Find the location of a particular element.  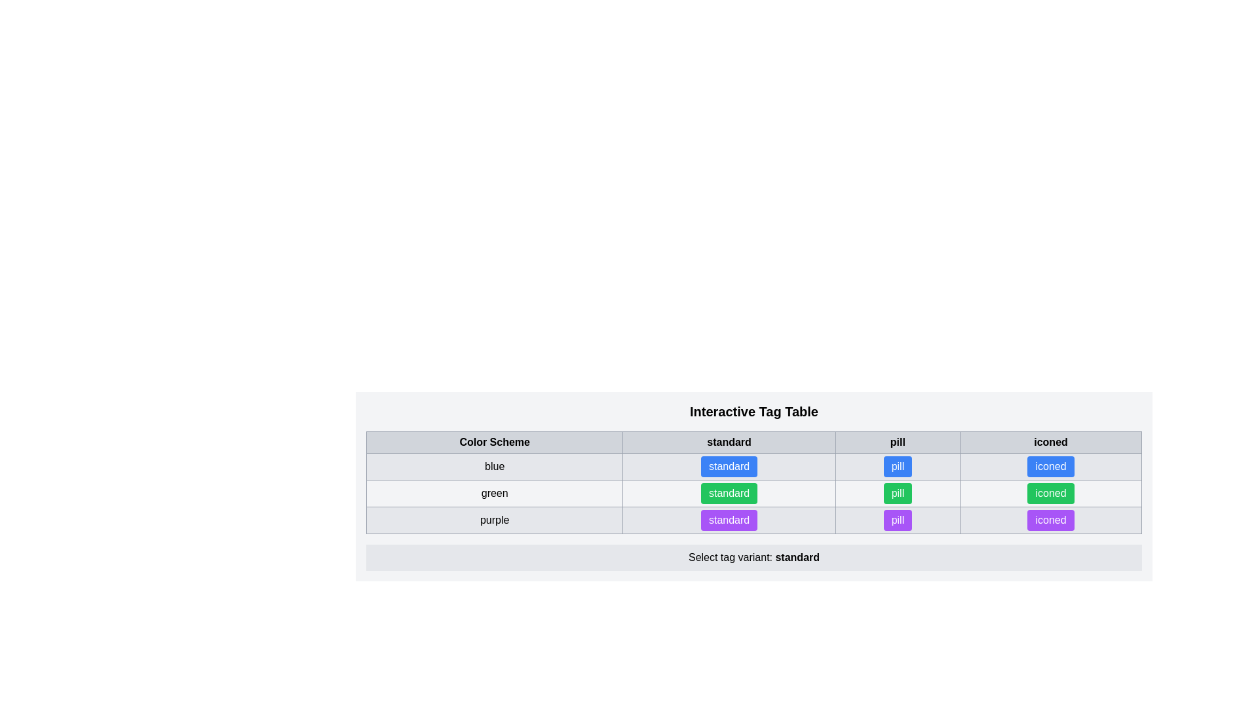

the rectangular purple button labeled 'standard' in white text, which is the first button in the 'purple' color scheme row of the table is located at coordinates (754, 519).